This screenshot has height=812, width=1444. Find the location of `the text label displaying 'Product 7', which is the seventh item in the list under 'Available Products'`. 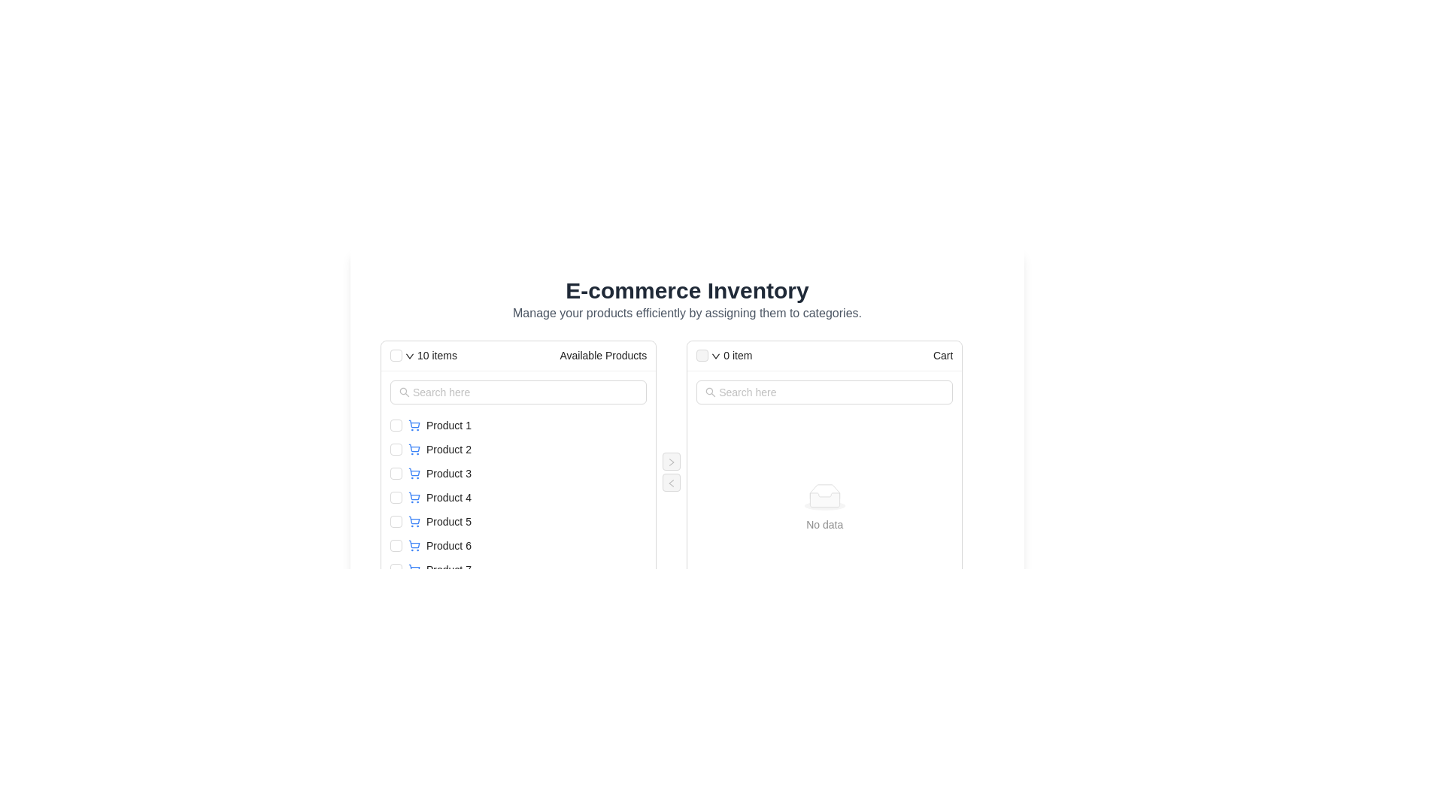

the text label displaying 'Product 7', which is the seventh item in the list under 'Available Products' is located at coordinates (447, 570).